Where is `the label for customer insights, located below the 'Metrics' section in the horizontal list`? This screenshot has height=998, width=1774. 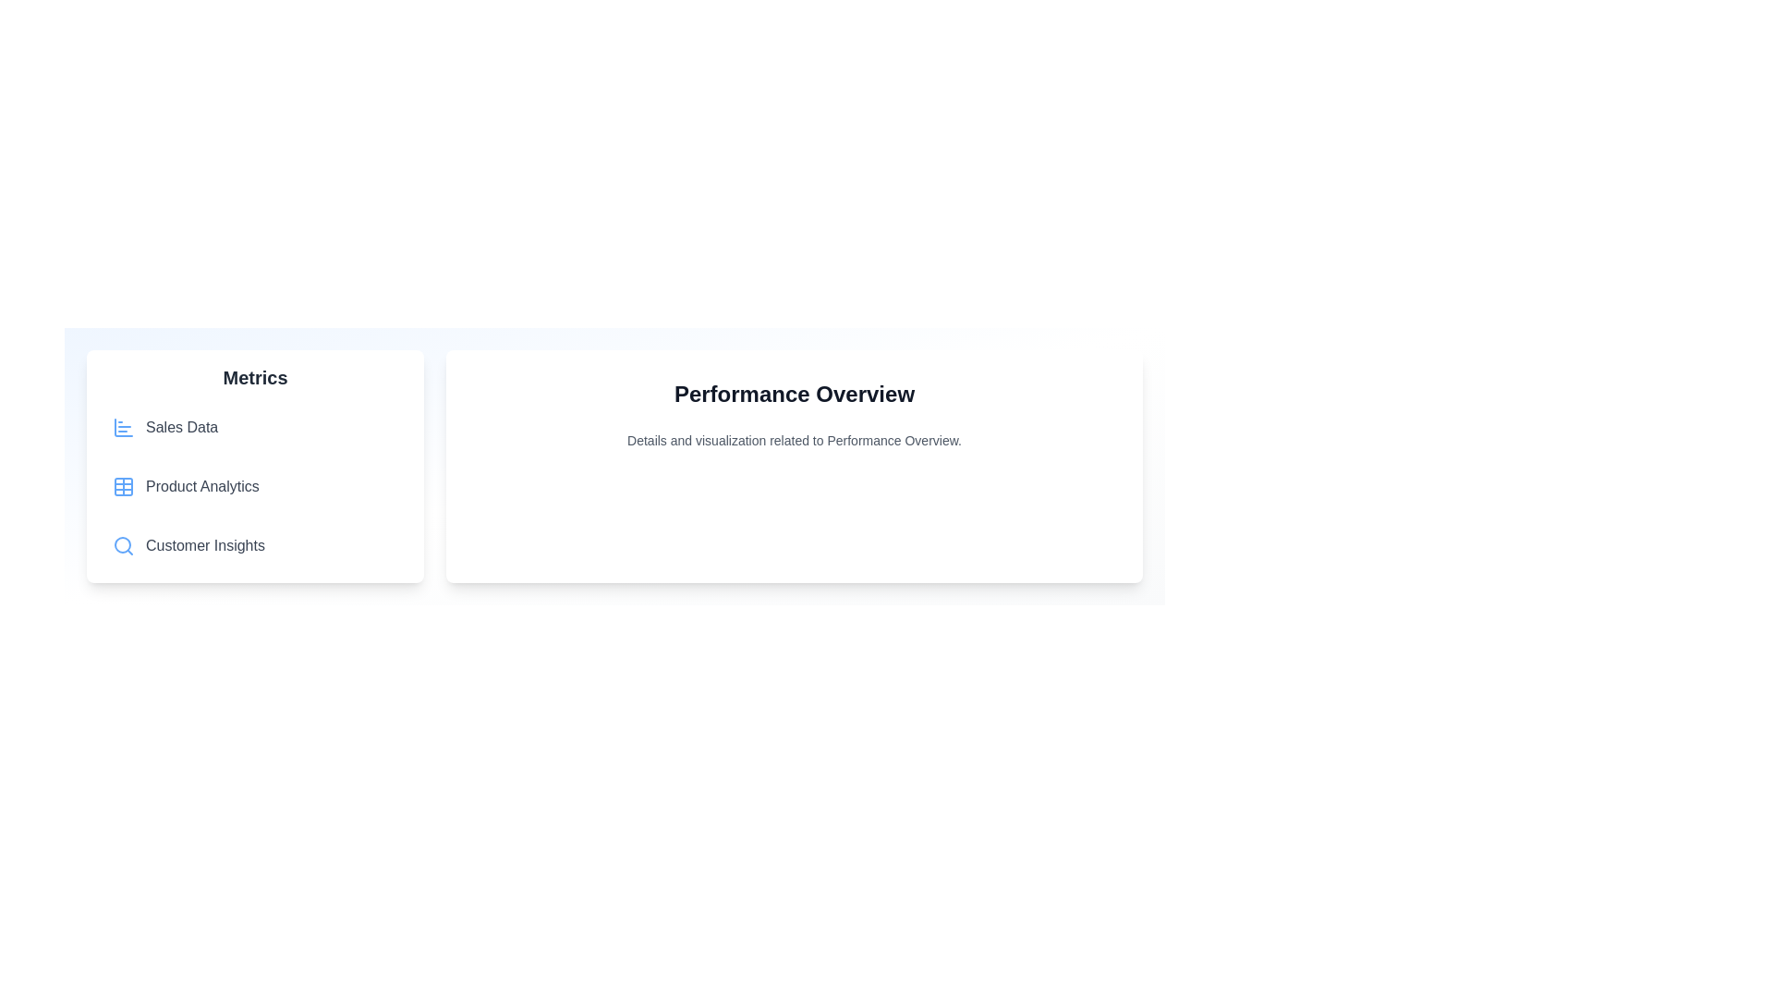 the label for customer insights, located below the 'Metrics' section in the horizontal list is located at coordinates (205, 544).